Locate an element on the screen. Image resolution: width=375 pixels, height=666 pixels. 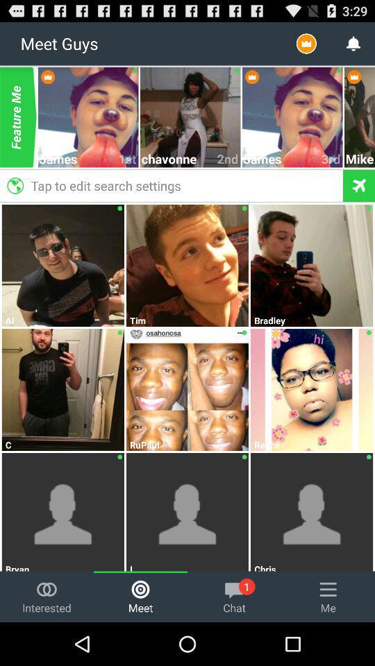
icon next to james item is located at coordinates (331, 159).